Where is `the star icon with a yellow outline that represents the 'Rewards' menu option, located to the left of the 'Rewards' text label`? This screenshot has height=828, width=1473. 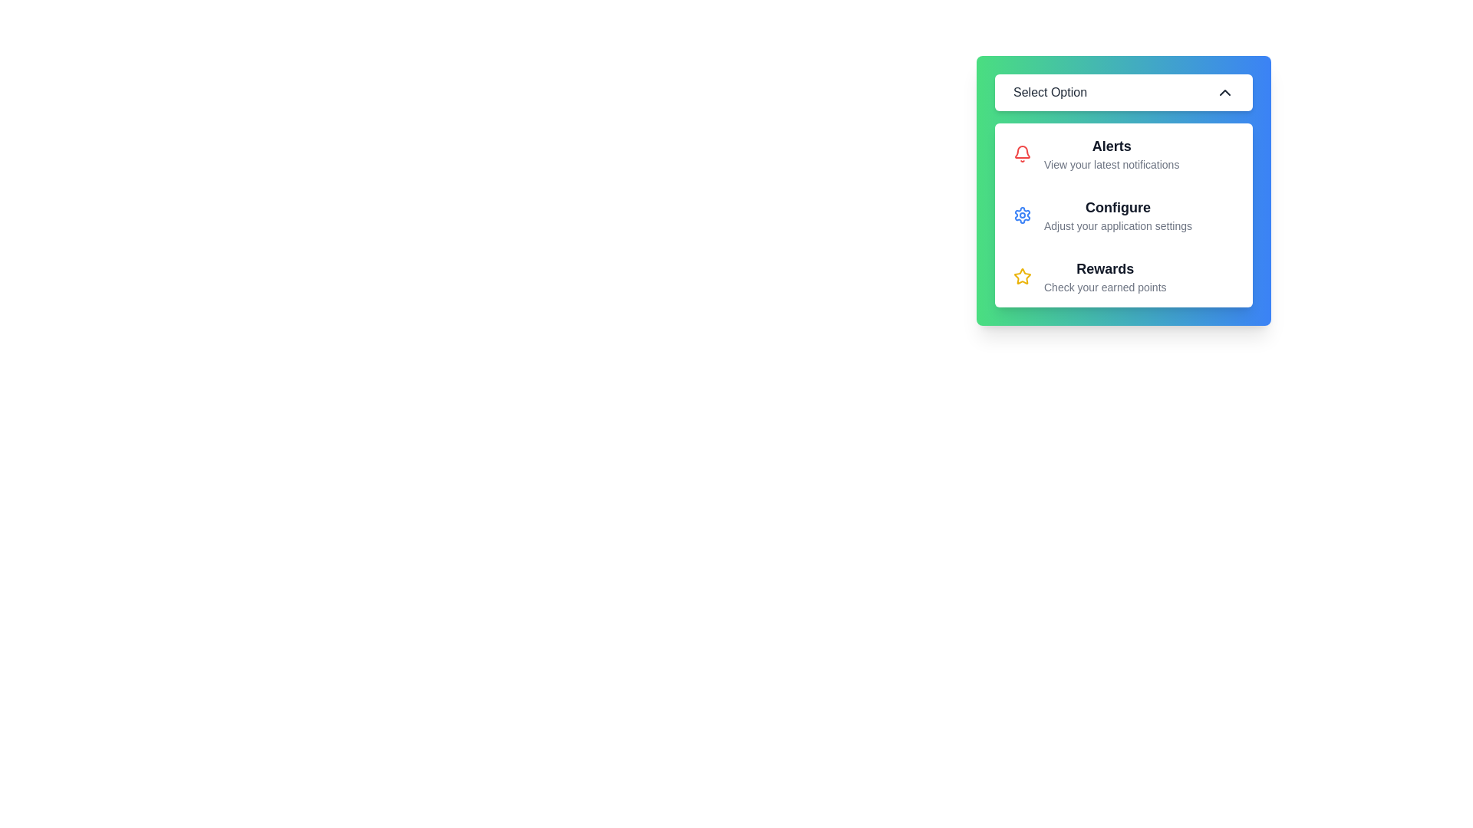 the star icon with a yellow outline that represents the 'Rewards' menu option, located to the left of the 'Rewards' text label is located at coordinates (1023, 277).